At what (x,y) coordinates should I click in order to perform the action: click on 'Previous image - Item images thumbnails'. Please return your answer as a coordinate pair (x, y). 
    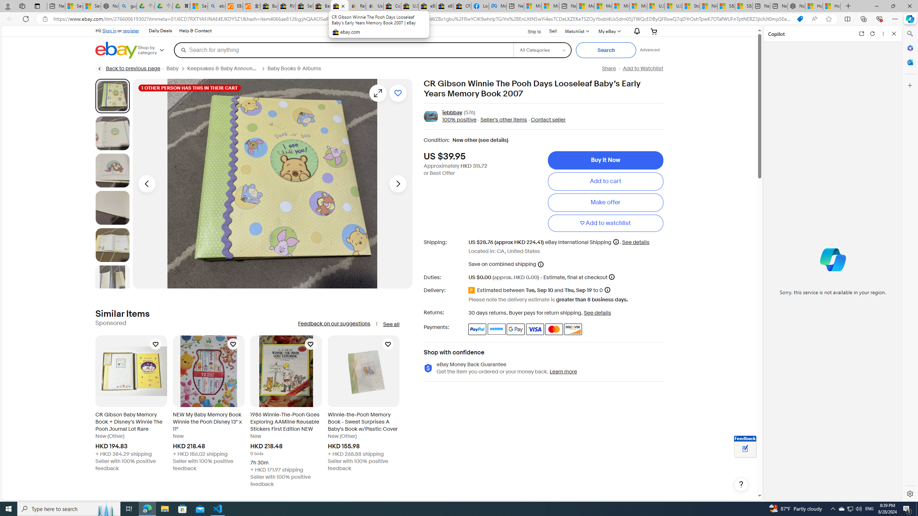
    Looking at the image, I should click on (146, 183).